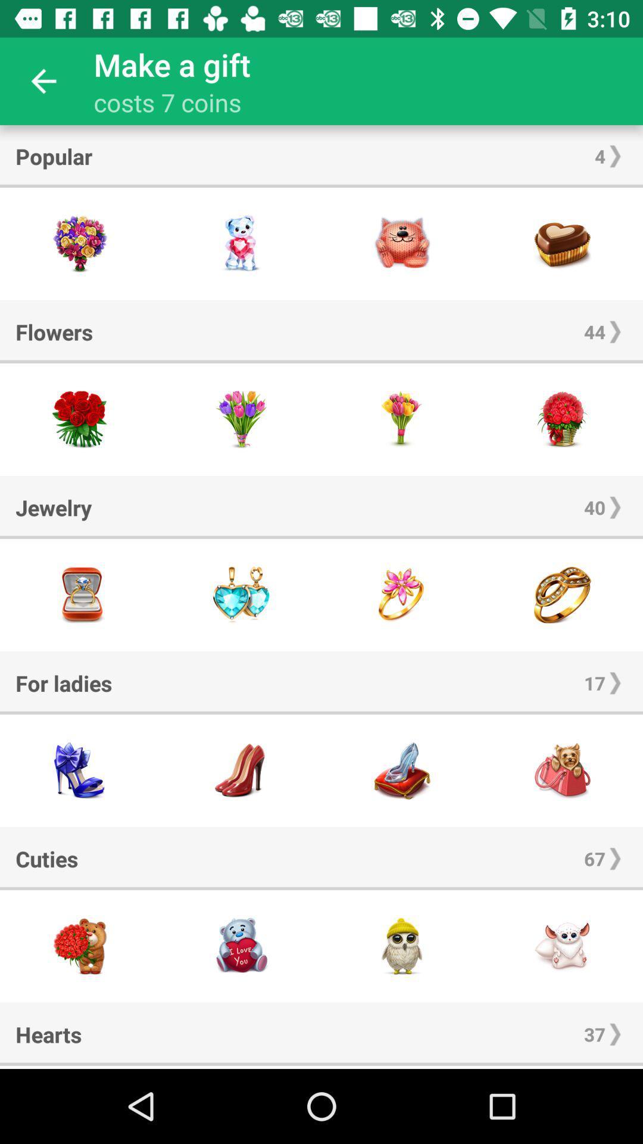 The width and height of the screenshot is (643, 1144). I want to click on the gift, so click(241, 946).